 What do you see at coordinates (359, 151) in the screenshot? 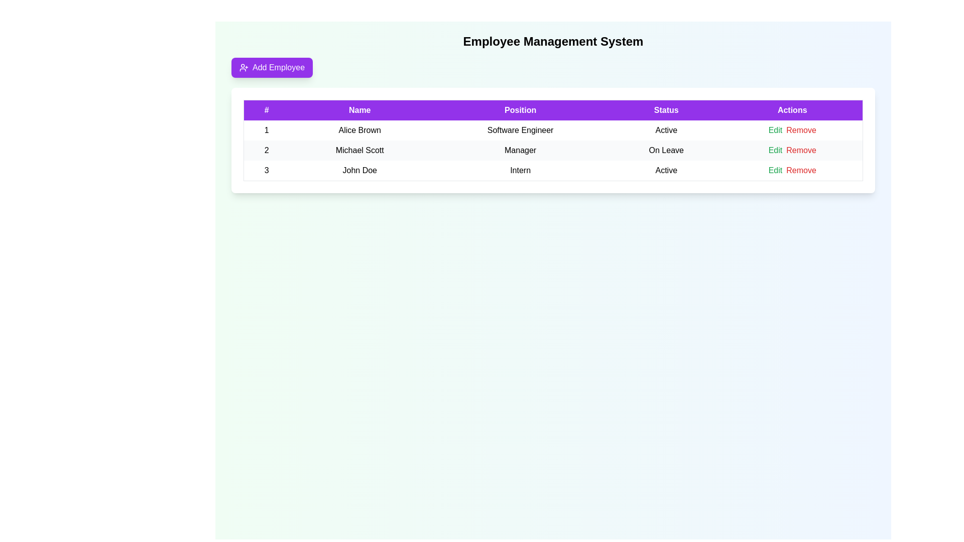
I see `the text label displaying 'Michael Scott' in the second row of the 'Name' column in the employee information table` at bounding box center [359, 151].